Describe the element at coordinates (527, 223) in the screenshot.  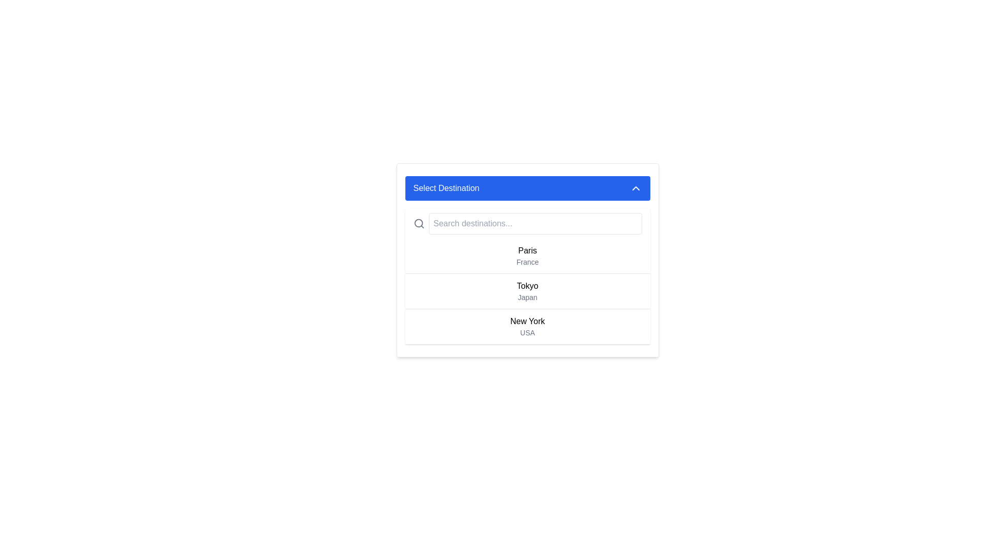
I see `the text input field labeled 'Search destinations...' located in the dropdown list interface below the title bar 'Select Destination'` at that location.